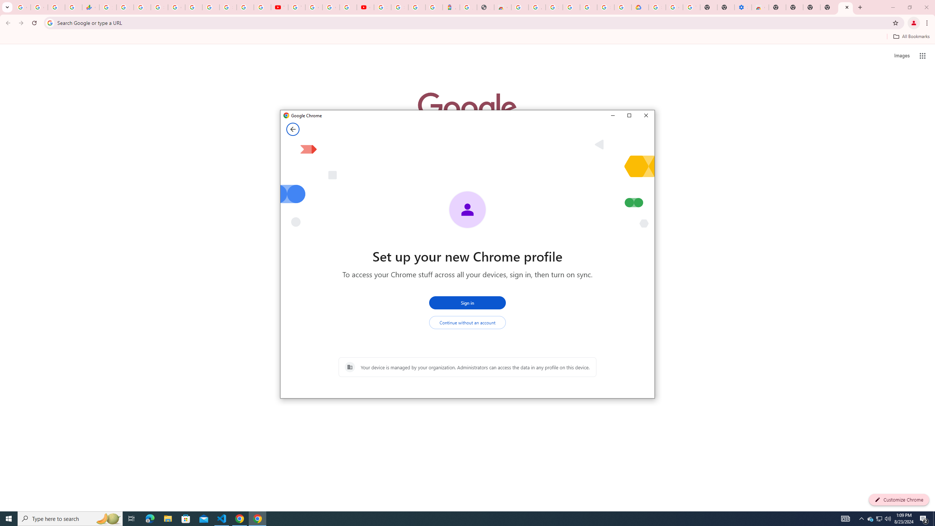 Image resolution: width=935 pixels, height=526 pixels. I want to click on 'Google Chrome - 1 running window', so click(257, 518).